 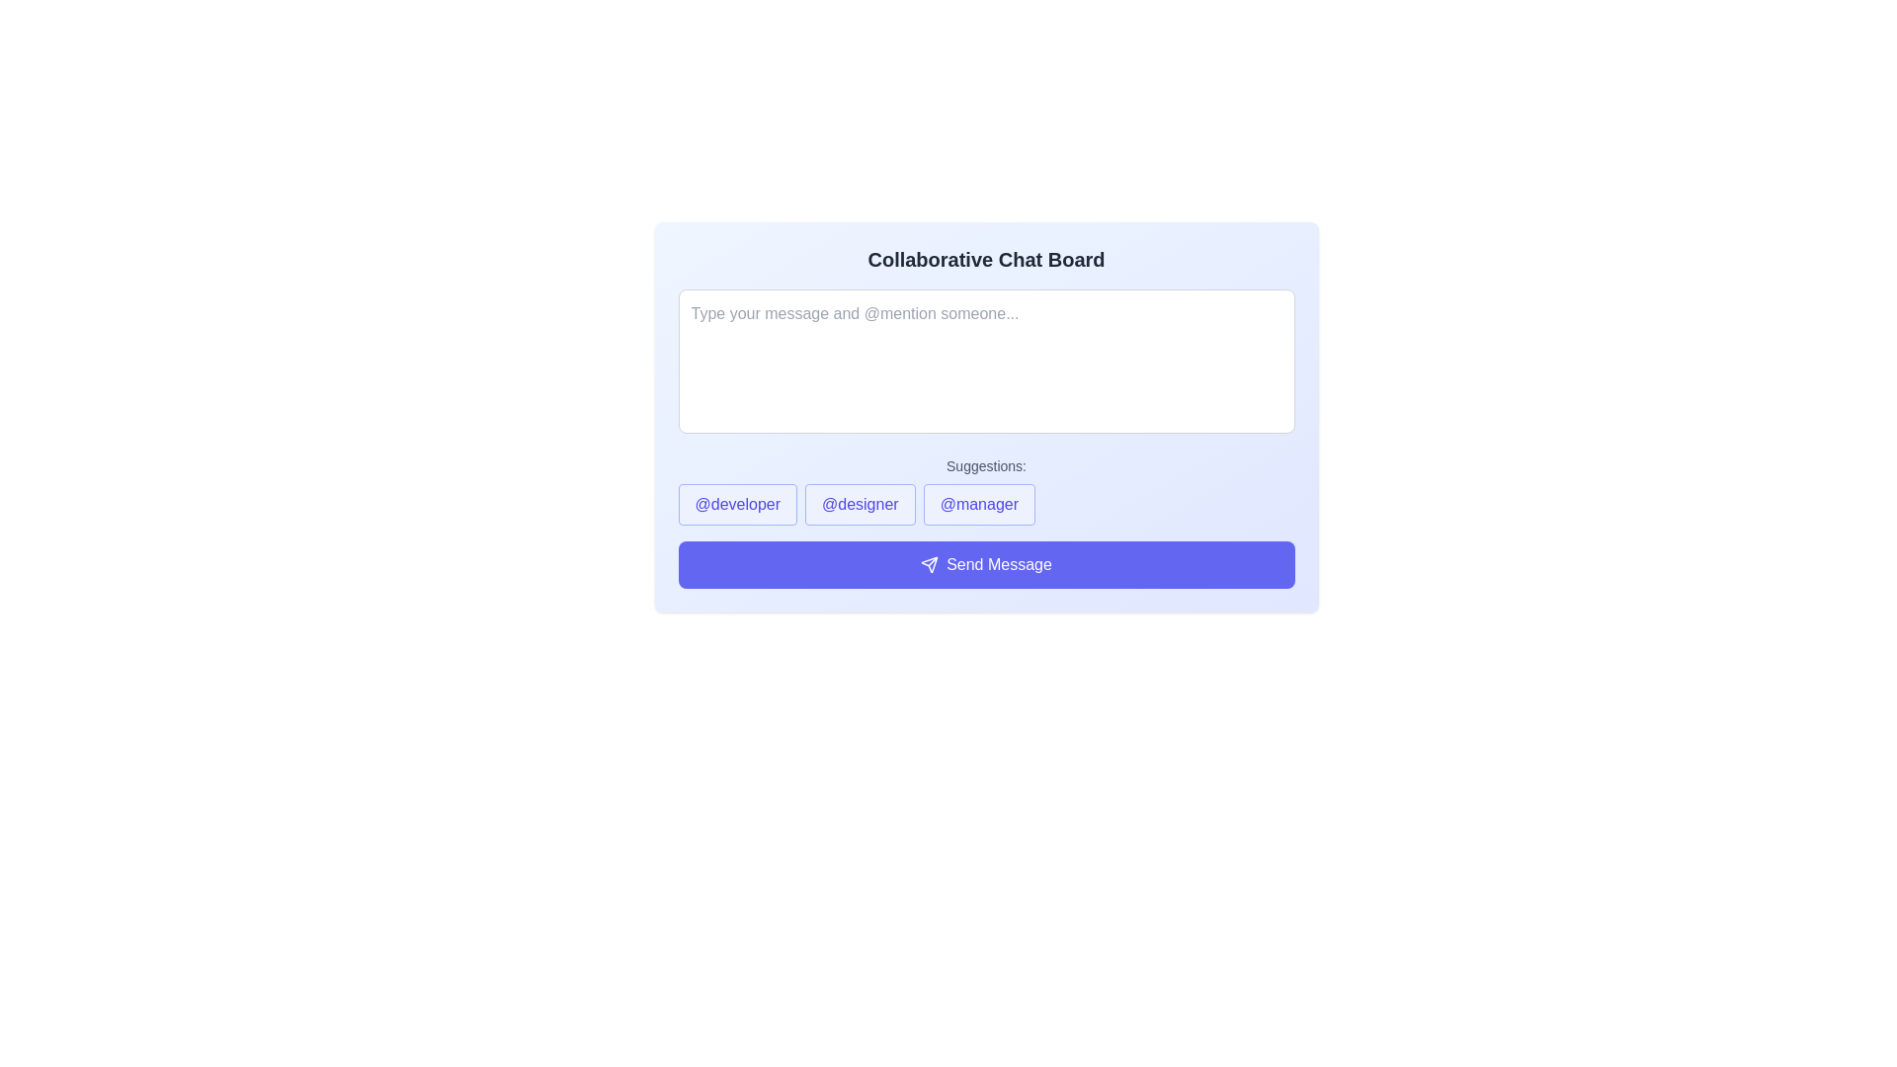 I want to click on the first button located below the text area under the 'Suggestions:' label, so click(x=736, y=503).